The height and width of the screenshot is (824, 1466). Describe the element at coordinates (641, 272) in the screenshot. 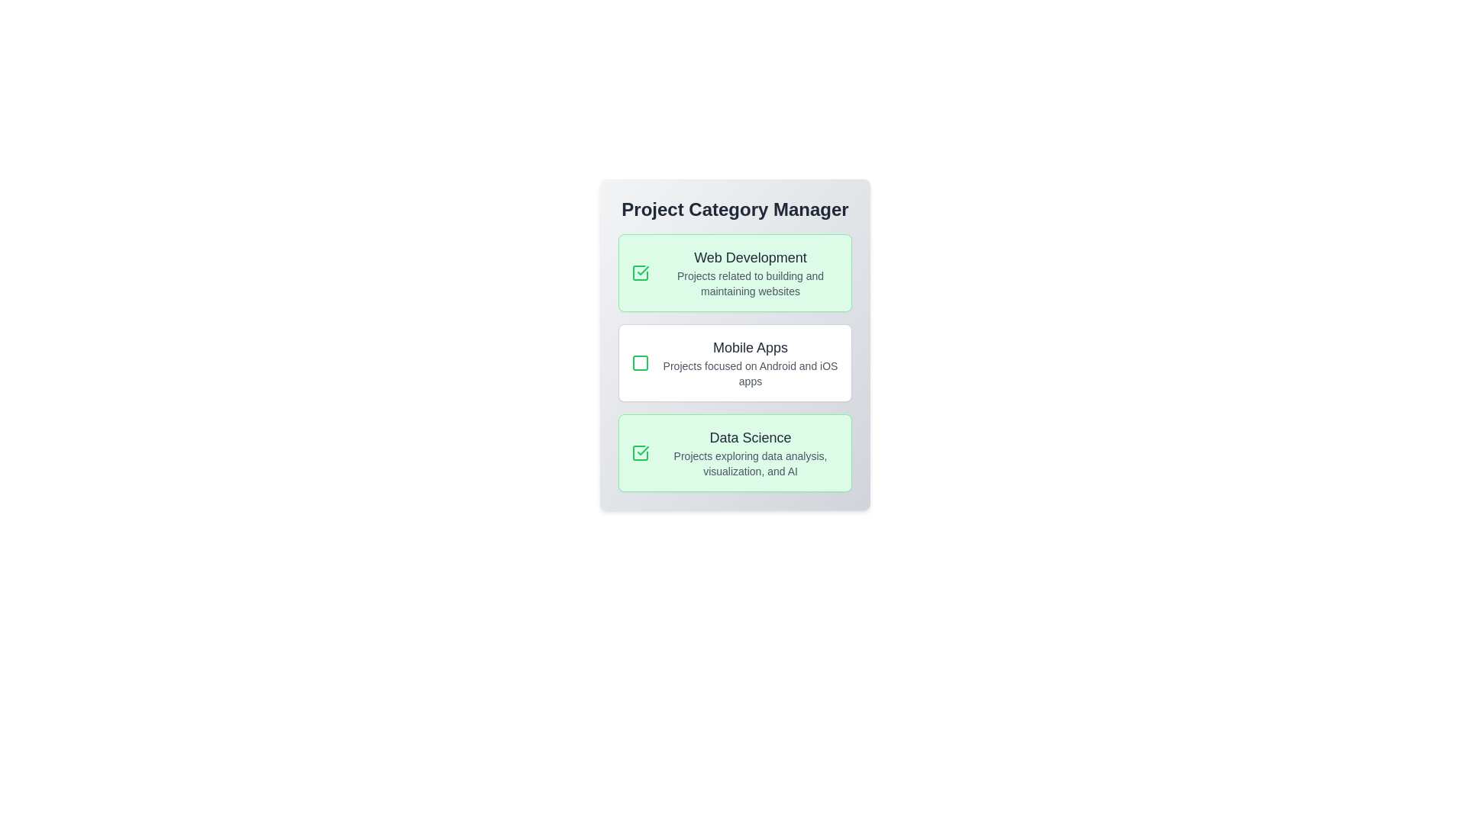

I see `the state of the checkbox indicating the 'Web Development' category in the 'Project Category Manager' panel, located to the left of the text 'Web Development'` at that location.